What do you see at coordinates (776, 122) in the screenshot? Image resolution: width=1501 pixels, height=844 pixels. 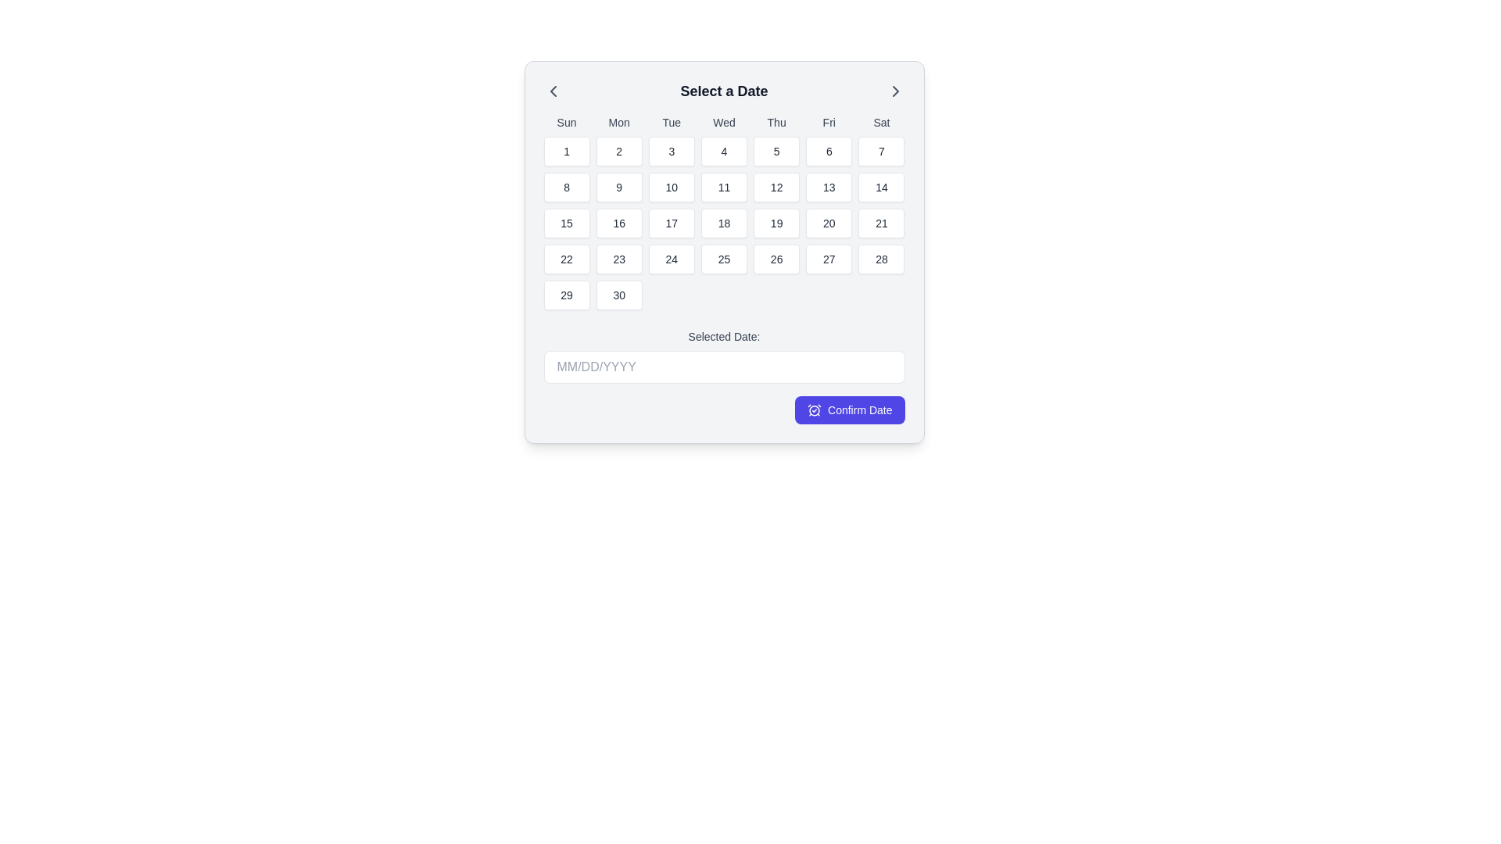 I see `the text label displaying the abbreviation 'Thu', which is styled in gray color and is the fifth day in the horizontal sequence of weekday abbreviations in the calendar layout` at bounding box center [776, 122].